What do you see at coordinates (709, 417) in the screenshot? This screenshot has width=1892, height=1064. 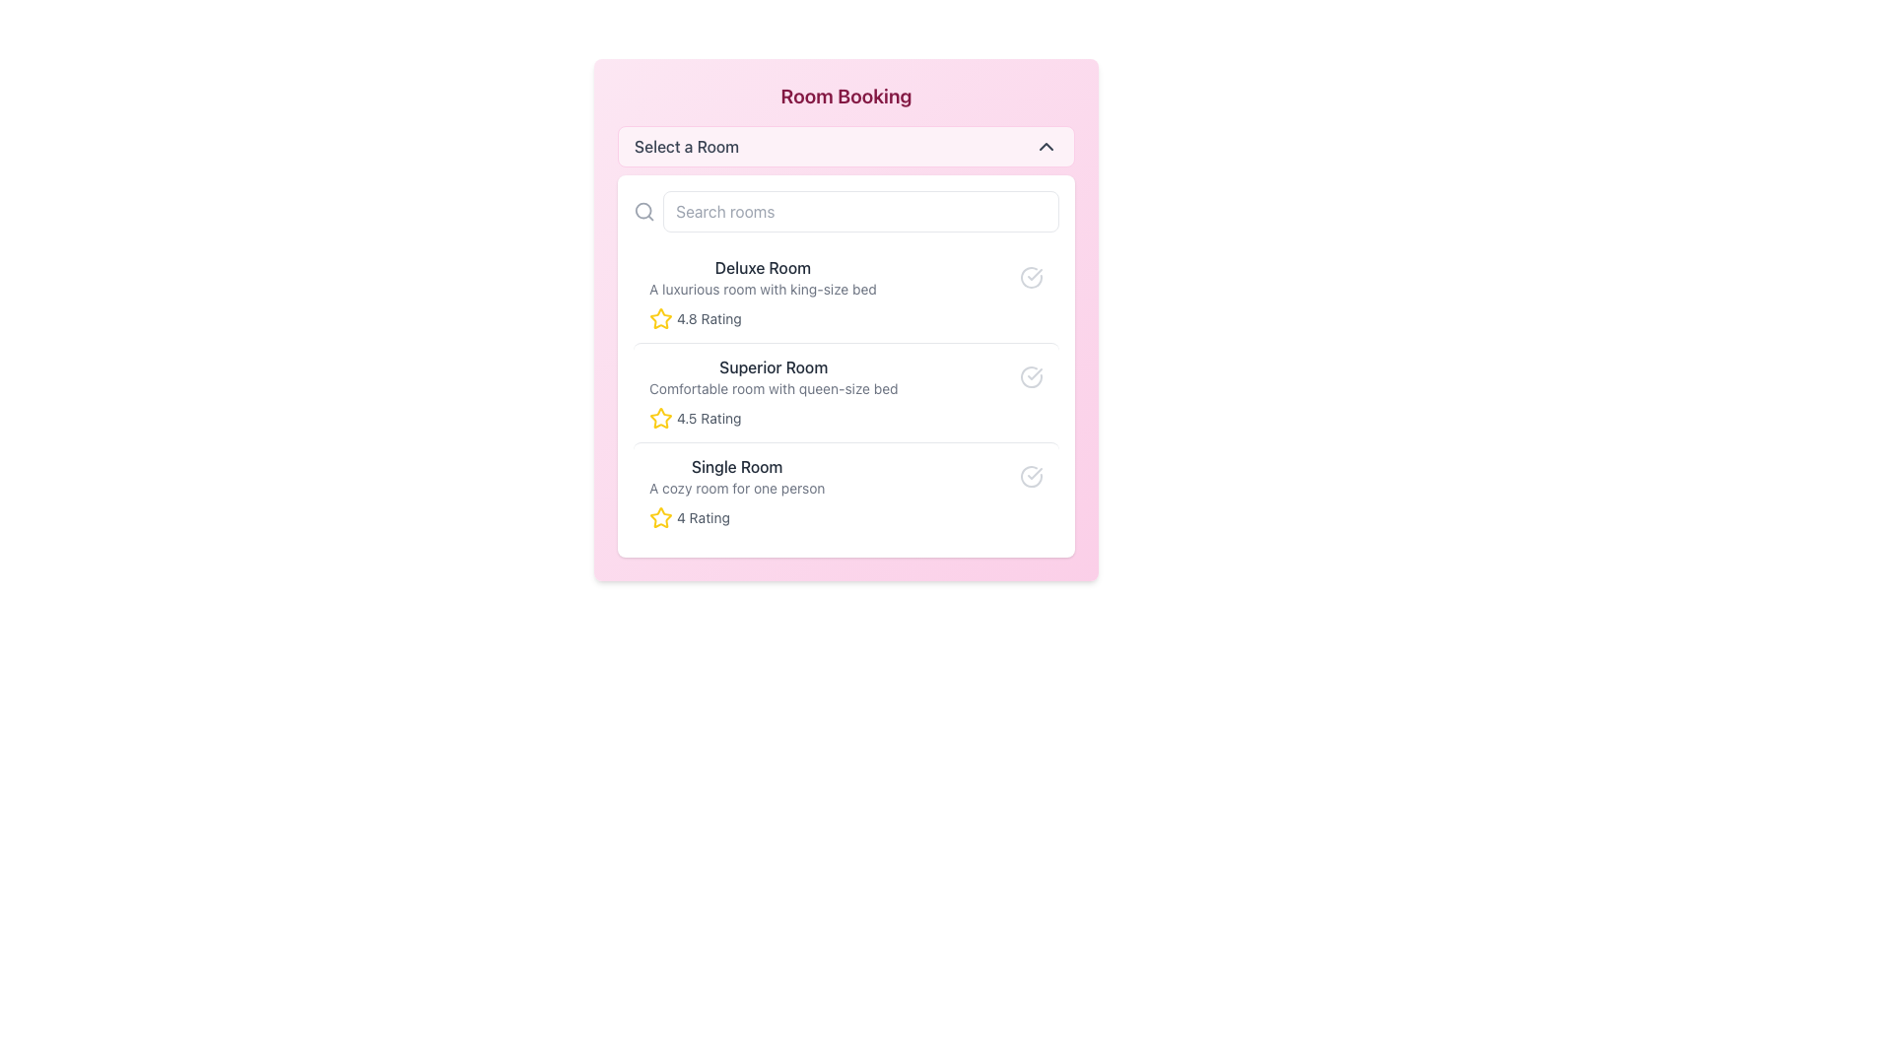 I see `the text displaying '4.5 Rating' which is part of the rating system for the 'Superior Room', located next to a yellow star icon` at bounding box center [709, 417].